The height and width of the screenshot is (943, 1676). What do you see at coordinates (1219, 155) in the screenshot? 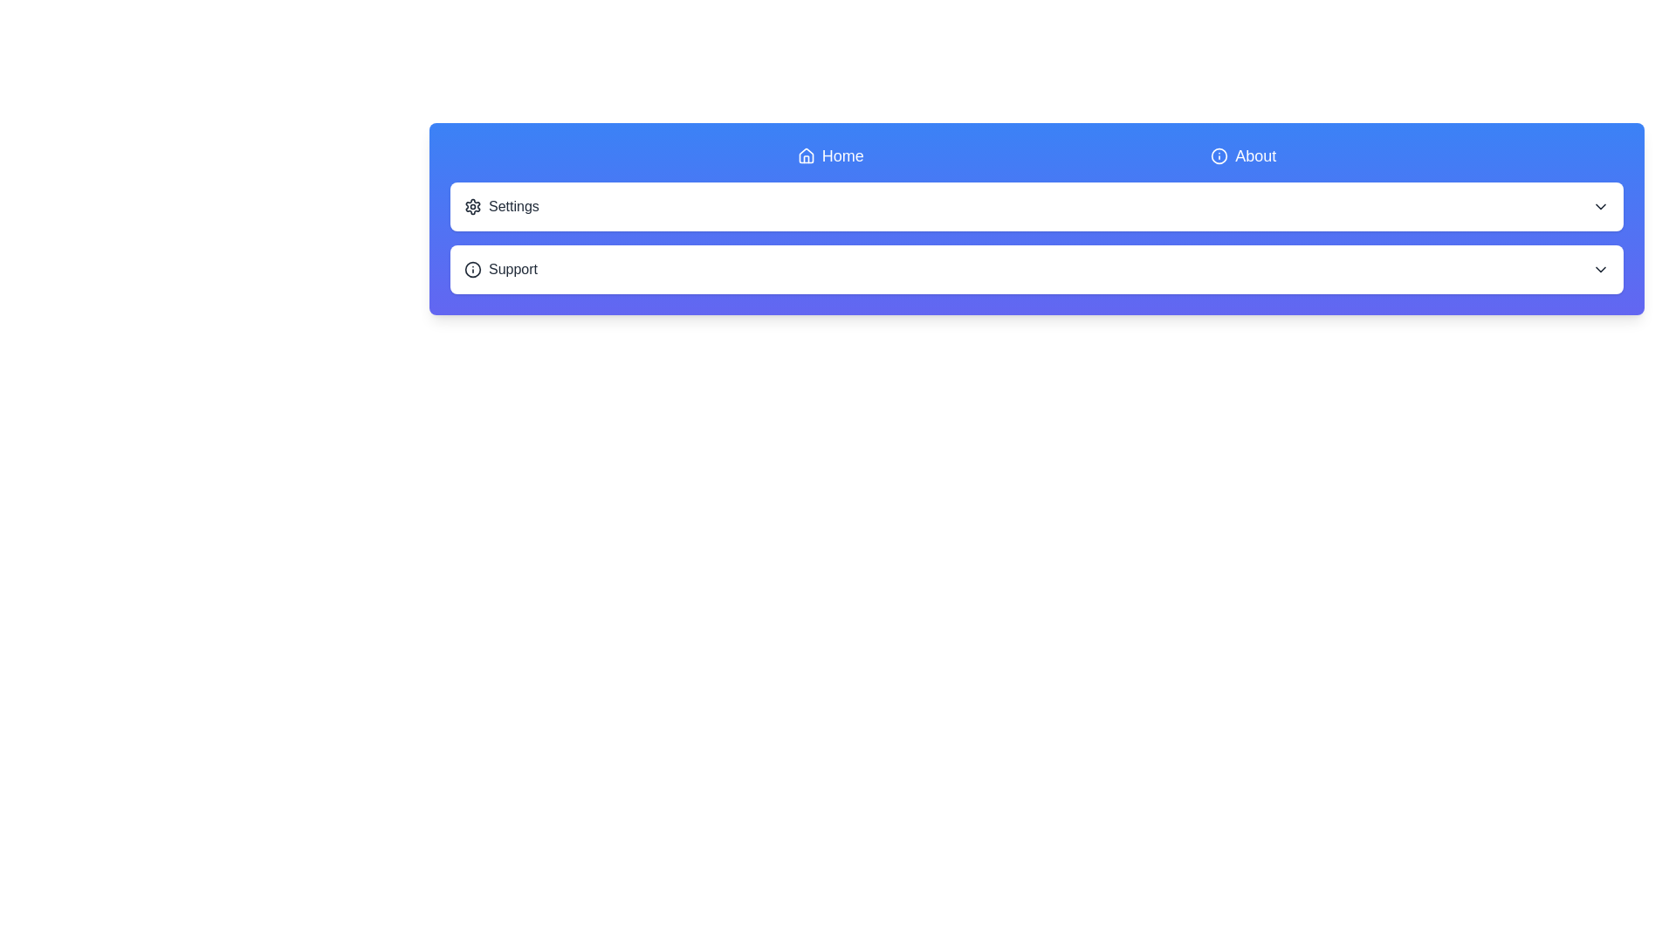
I see `the icon located on the left side of the 'About' label in the top navigation row` at bounding box center [1219, 155].